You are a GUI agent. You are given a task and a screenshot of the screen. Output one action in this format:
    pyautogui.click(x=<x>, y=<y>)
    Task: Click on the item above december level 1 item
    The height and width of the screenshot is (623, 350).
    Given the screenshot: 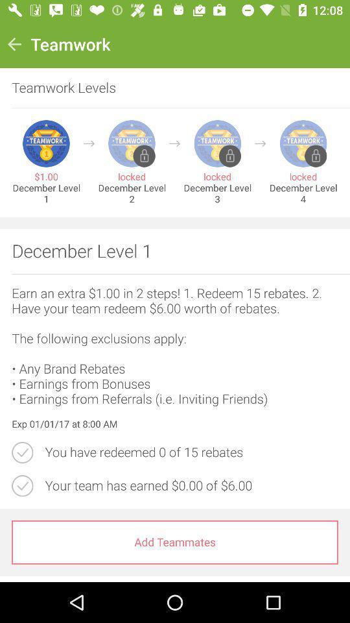 What is the action you would take?
    pyautogui.click(x=88, y=143)
    